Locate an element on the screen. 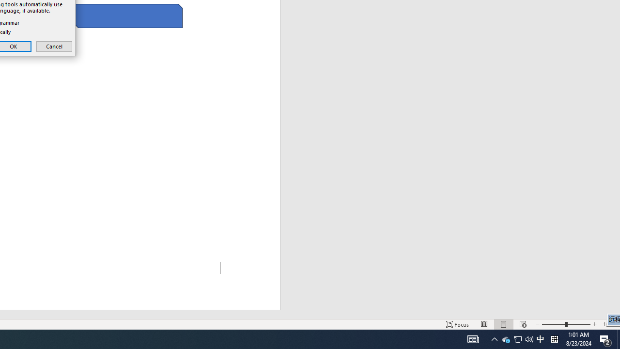 The height and width of the screenshot is (349, 620). 'Tray Input Indicator - Chinese (Simplified, China)' is located at coordinates (554, 338).